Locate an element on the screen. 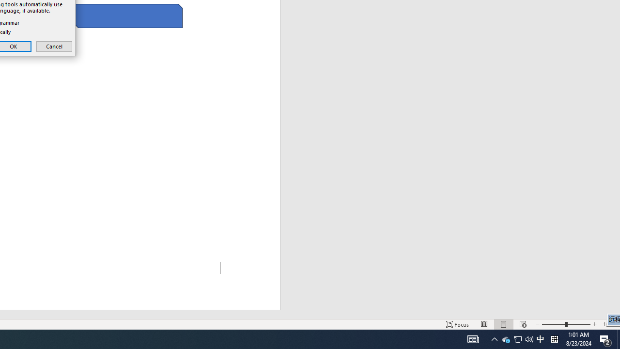 The height and width of the screenshot is (349, 620). 'Tray Input Indicator - Chinese (Simplified, China)' is located at coordinates (554, 338).